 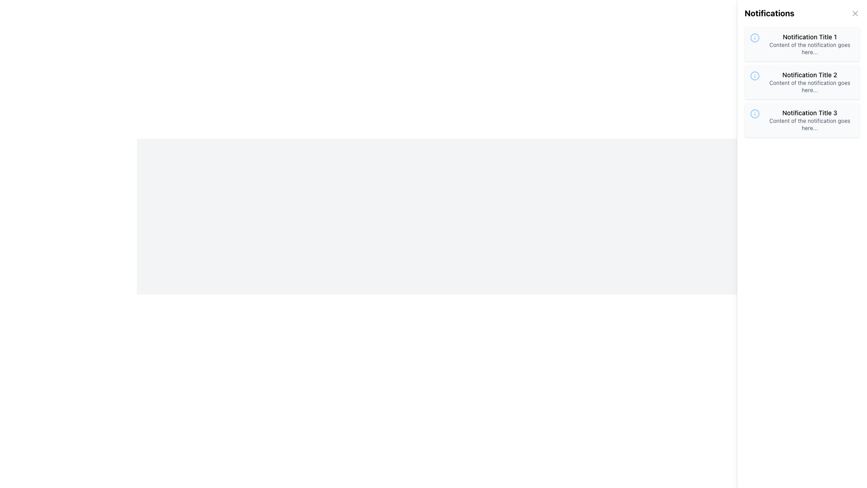 What do you see at coordinates (810, 74) in the screenshot?
I see `the 'Notification Title 2' text label in the notifications panel` at bounding box center [810, 74].